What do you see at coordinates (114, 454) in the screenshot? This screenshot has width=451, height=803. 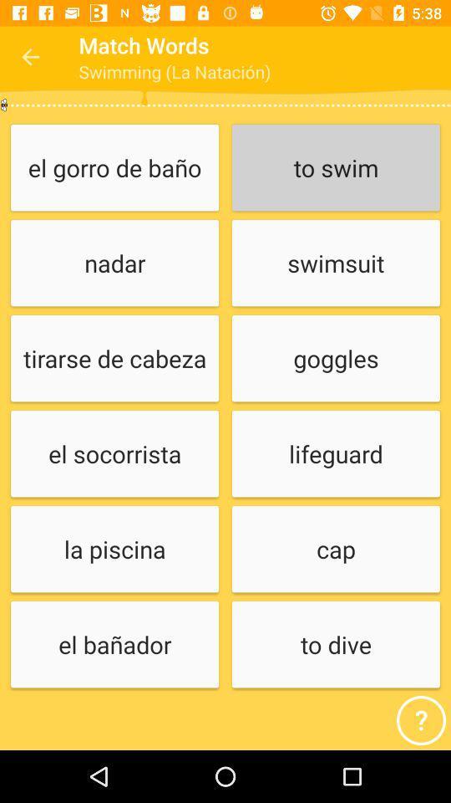 I see `icon below tirarse de cabeza icon` at bounding box center [114, 454].